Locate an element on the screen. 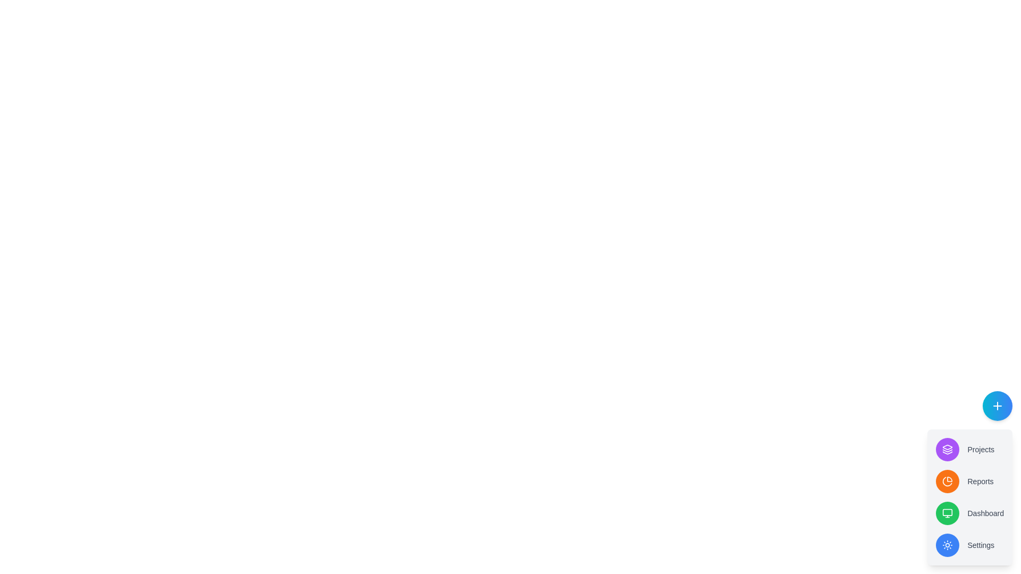 Image resolution: width=1021 pixels, height=574 pixels. the 'Dashboard' navigation item in the menu for keyboard navigation is located at coordinates (969, 512).